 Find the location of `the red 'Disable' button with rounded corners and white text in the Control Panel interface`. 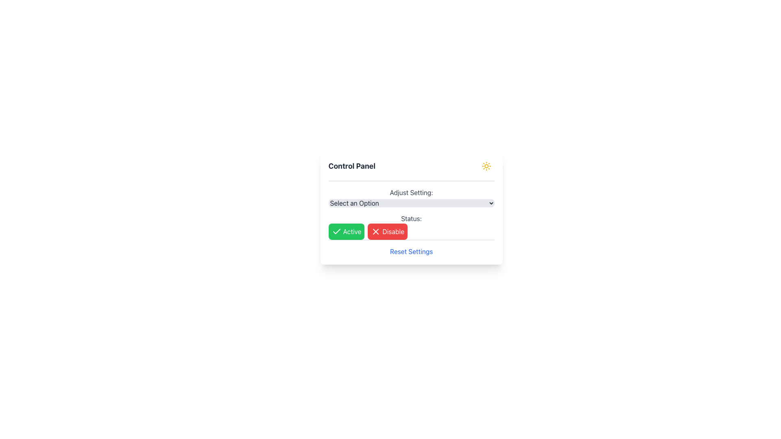

the red 'Disable' button with rounded corners and white text in the Control Panel interface is located at coordinates (387, 232).